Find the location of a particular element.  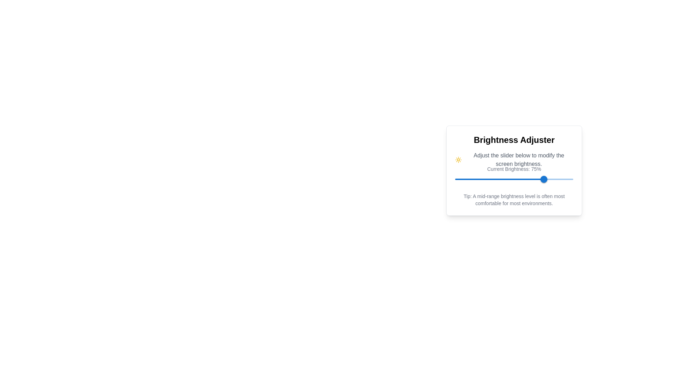

brightness is located at coordinates (545, 179).